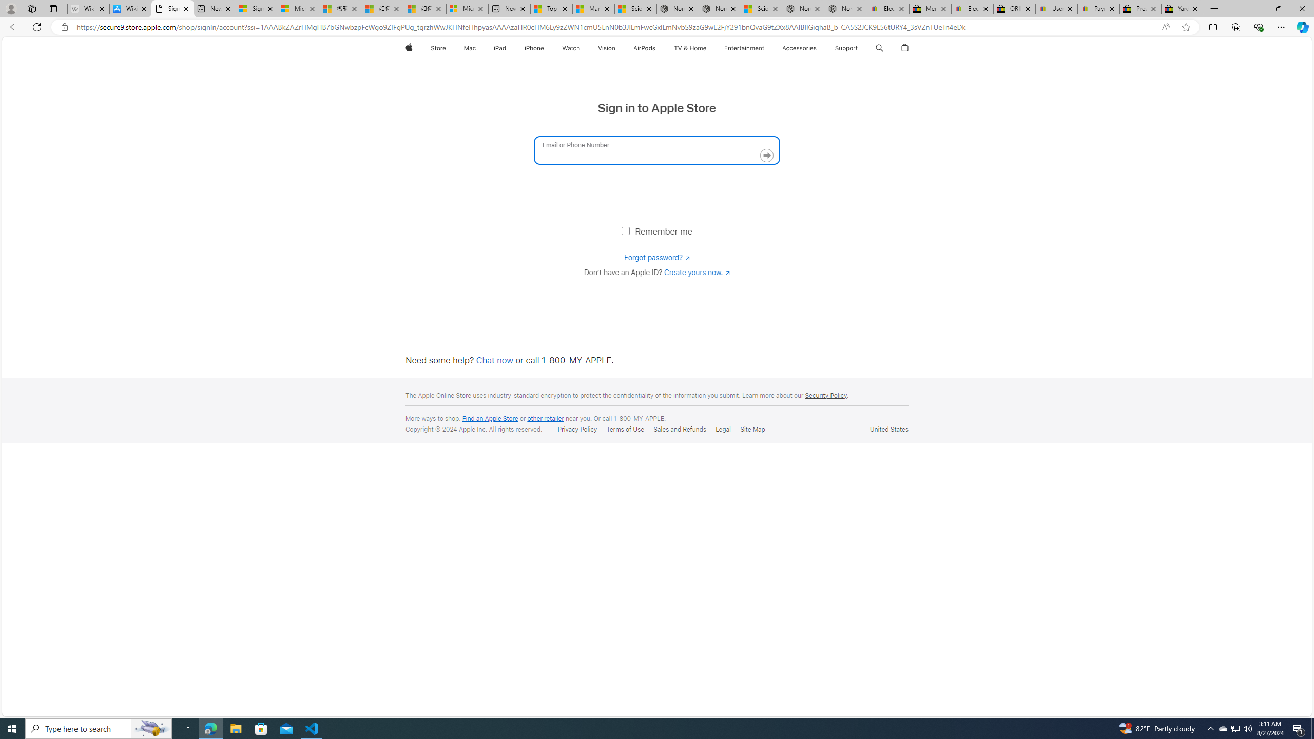  I want to click on 'iPhone', so click(533, 48).